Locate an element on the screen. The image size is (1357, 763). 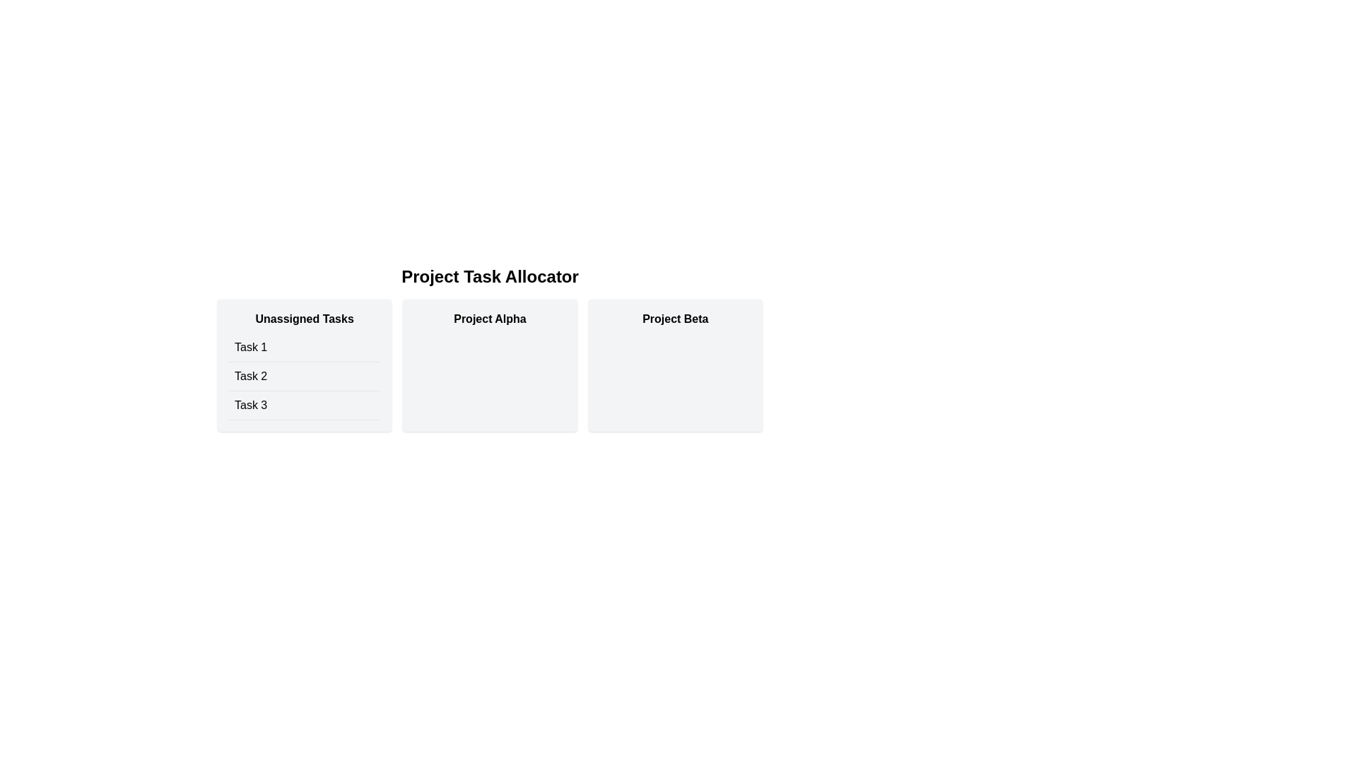
the 'Project Alpha' section to view its assigned tasks is located at coordinates (489, 319).